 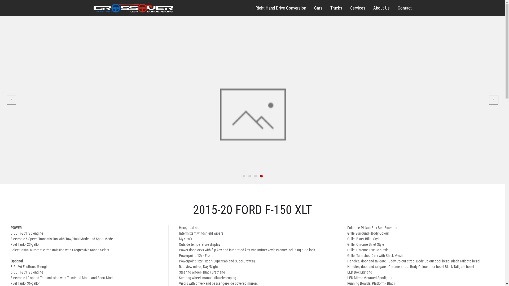 What do you see at coordinates (280, 8) in the screenshot?
I see `'Right Hand Drive Conversion'` at bounding box center [280, 8].